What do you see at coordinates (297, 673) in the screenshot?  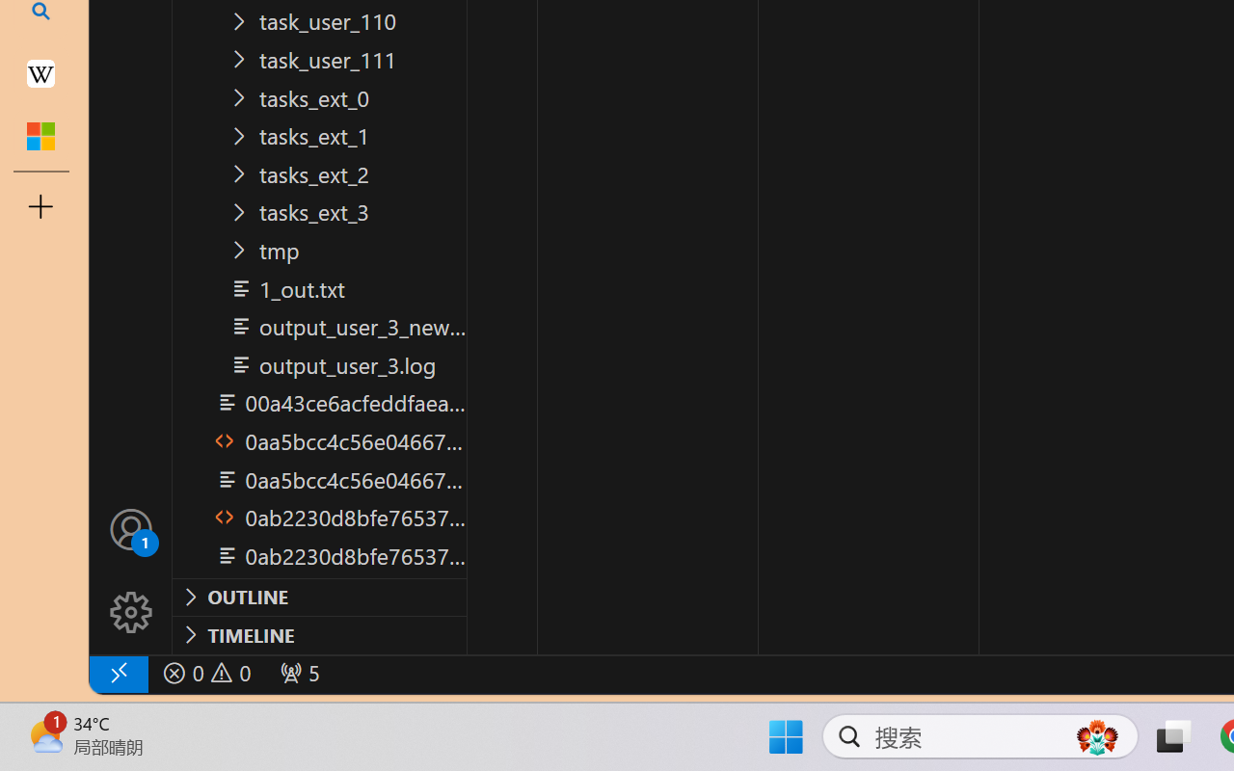 I see `'Forwarded Ports: 36301, 47065, 38781, 45817, 50331'` at bounding box center [297, 673].